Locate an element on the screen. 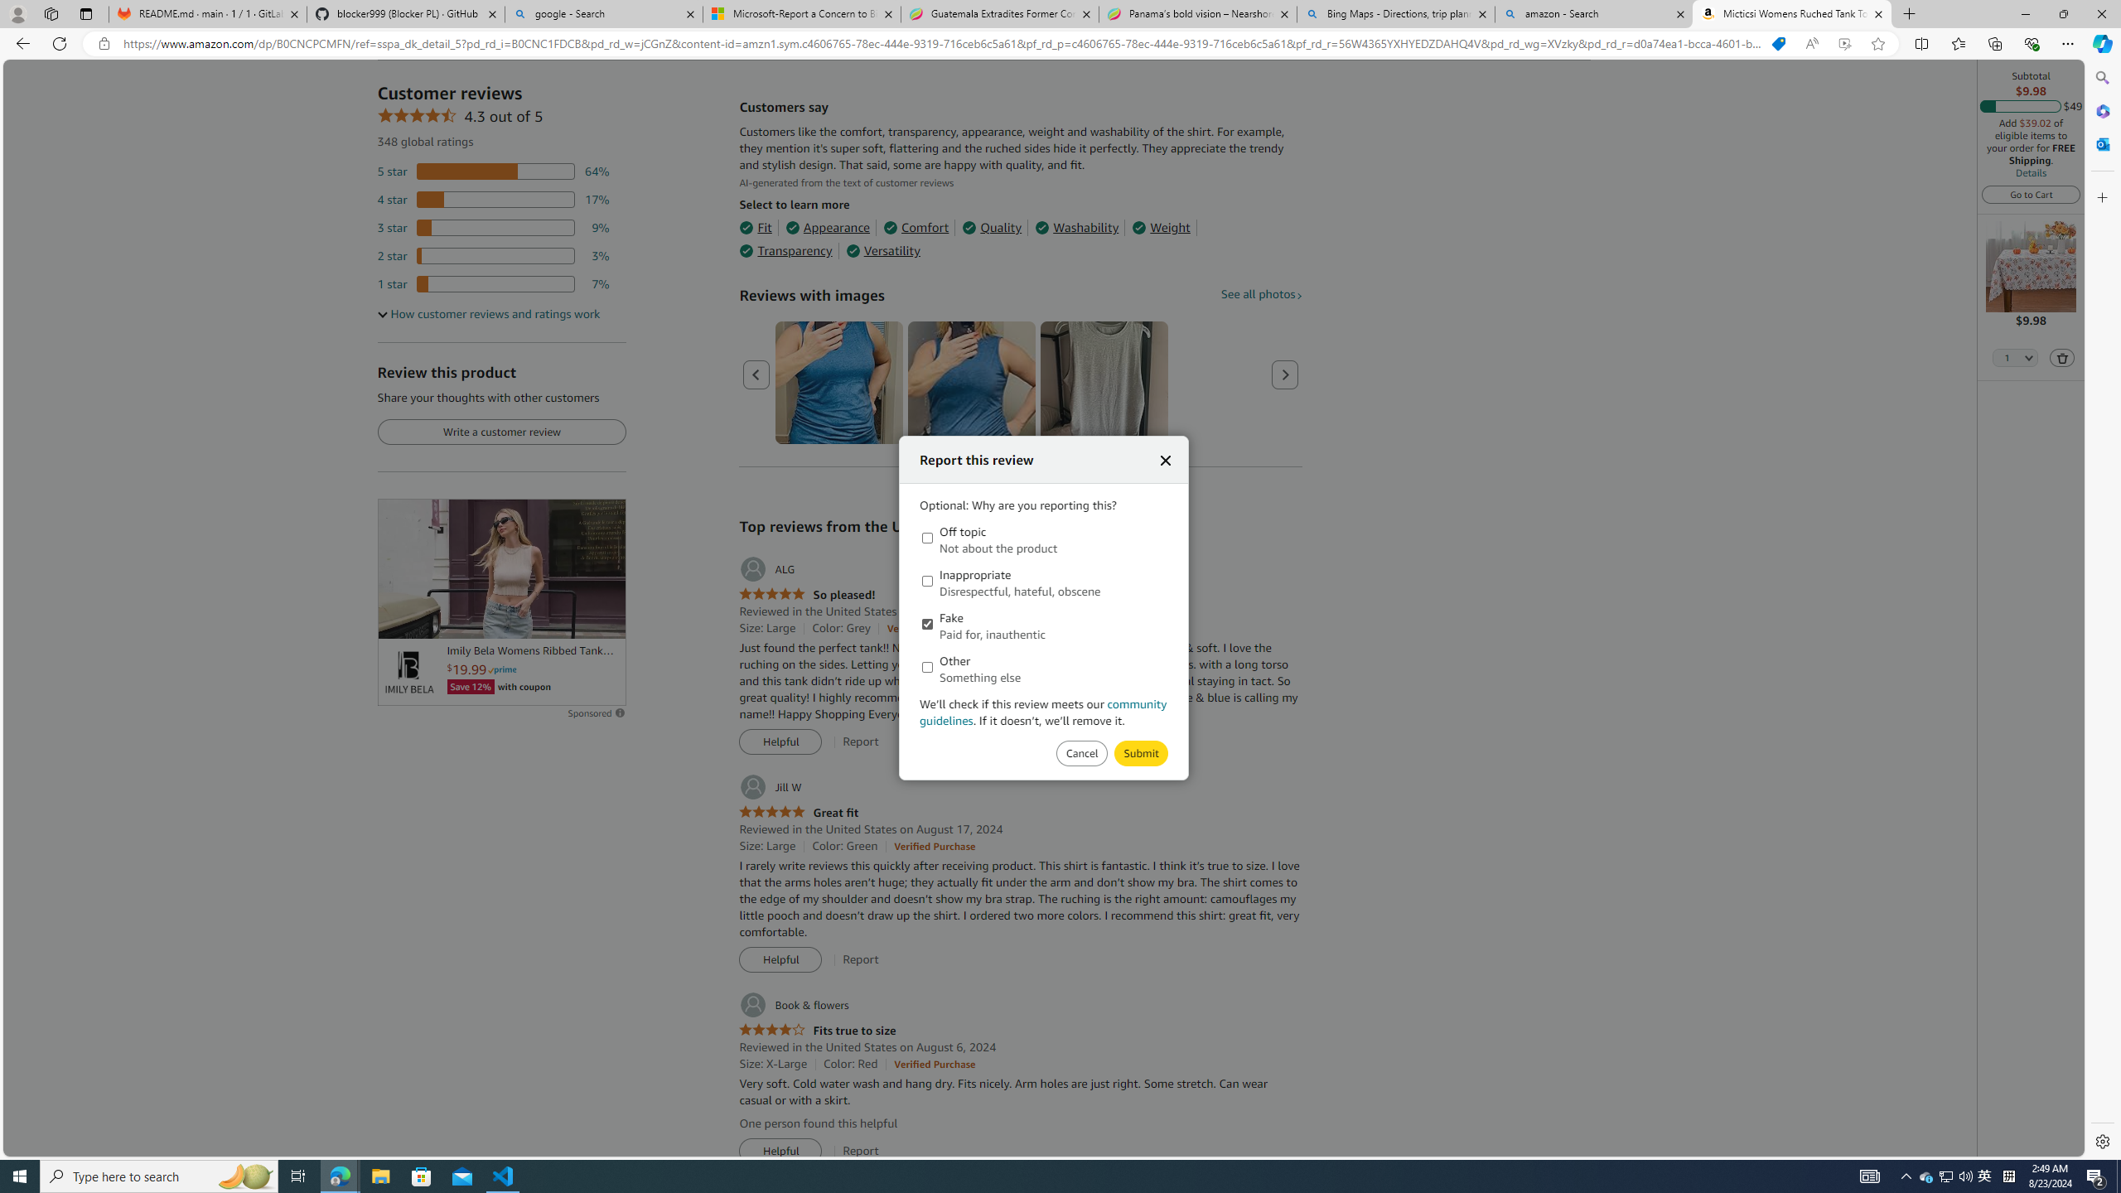 The image size is (2121, 1193). 'Transparency' is located at coordinates (785, 250).